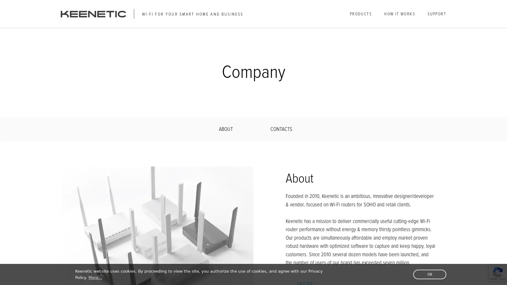 The width and height of the screenshot is (507, 285). I want to click on dismiss cookie message, so click(430, 274).